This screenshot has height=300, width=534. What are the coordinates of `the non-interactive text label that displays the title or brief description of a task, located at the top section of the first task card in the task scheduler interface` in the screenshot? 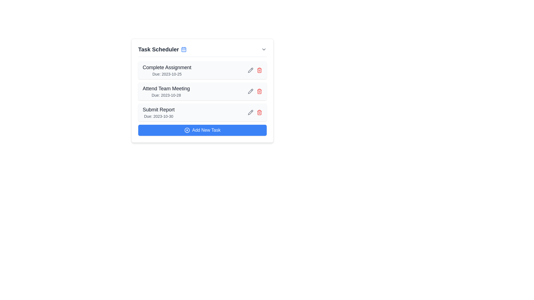 It's located at (167, 67).